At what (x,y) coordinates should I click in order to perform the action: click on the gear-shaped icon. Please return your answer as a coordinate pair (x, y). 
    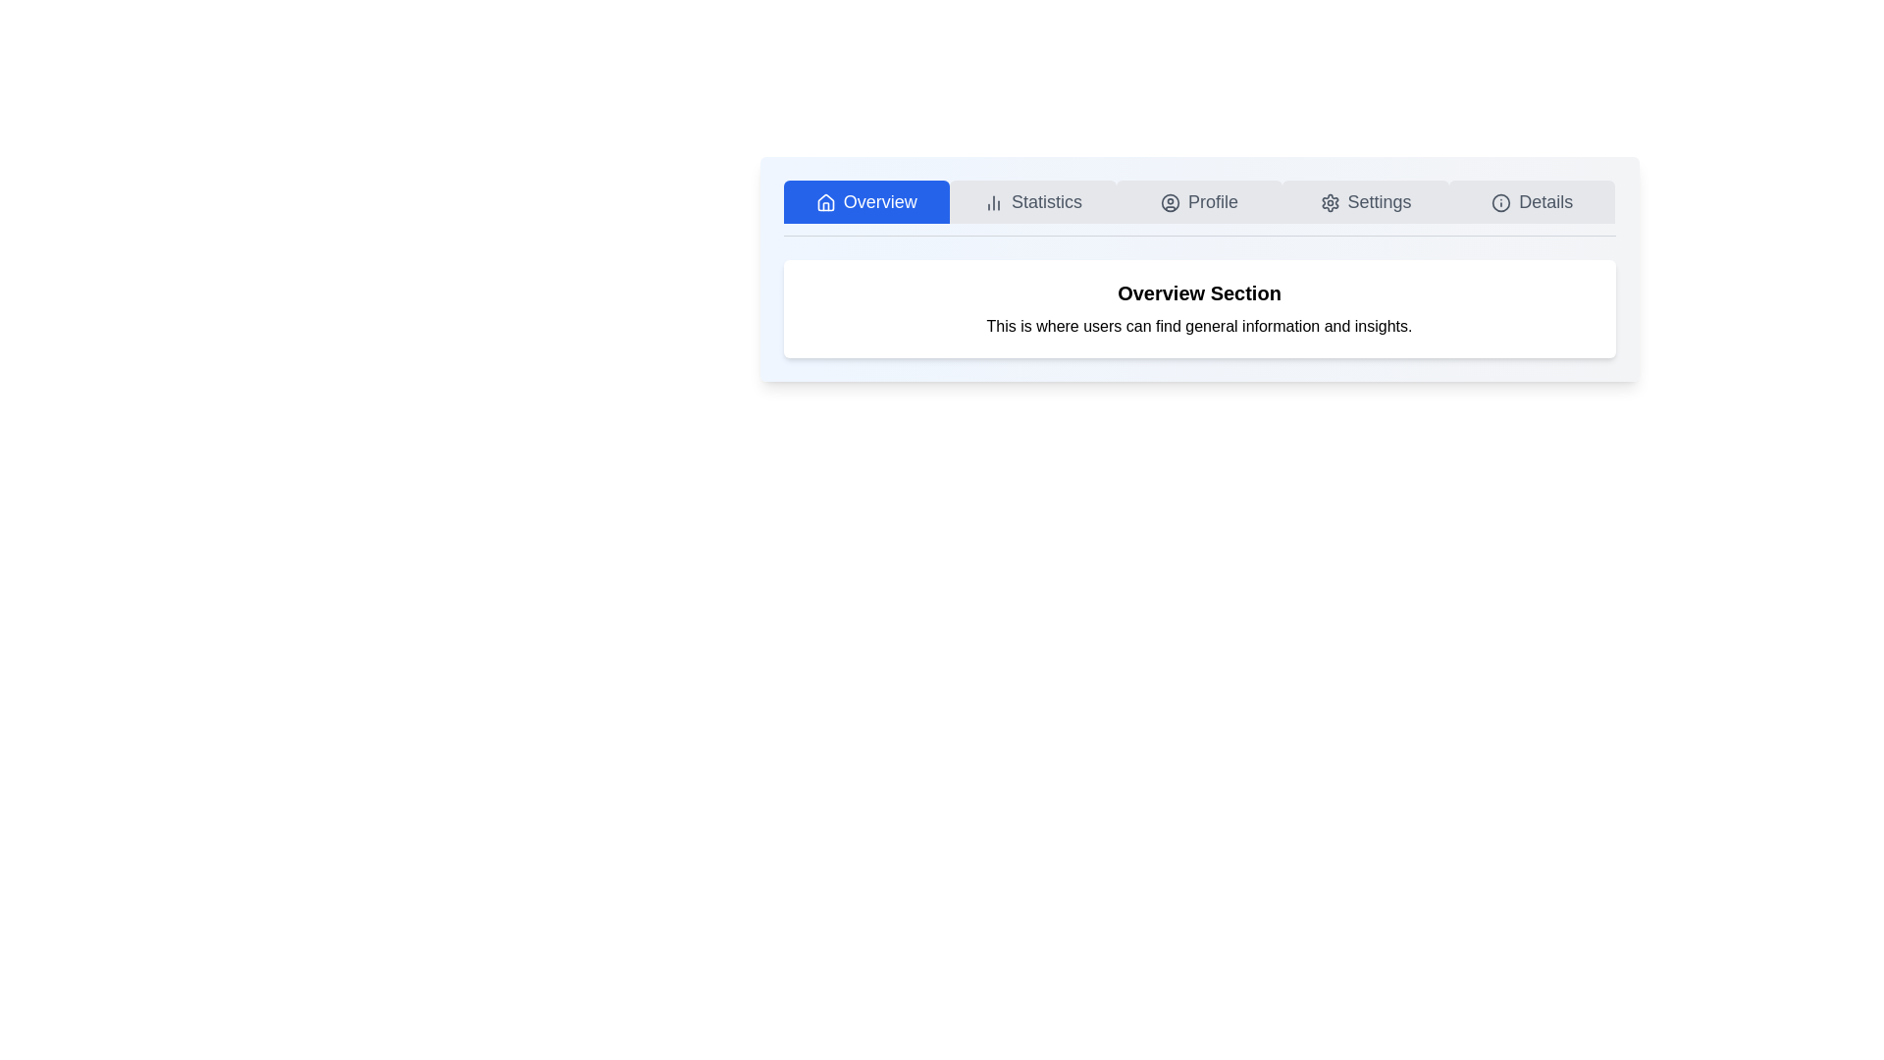
    Looking at the image, I should click on (1330, 203).